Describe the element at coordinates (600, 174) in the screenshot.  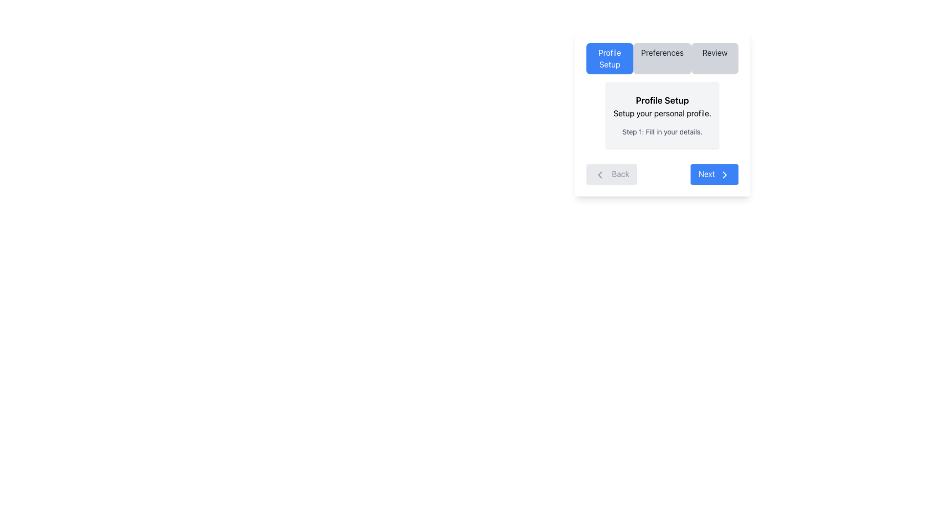
I see `the left-pointing arrow icon of the 'Back' button located at the bottom-left section of the interface` at that location.